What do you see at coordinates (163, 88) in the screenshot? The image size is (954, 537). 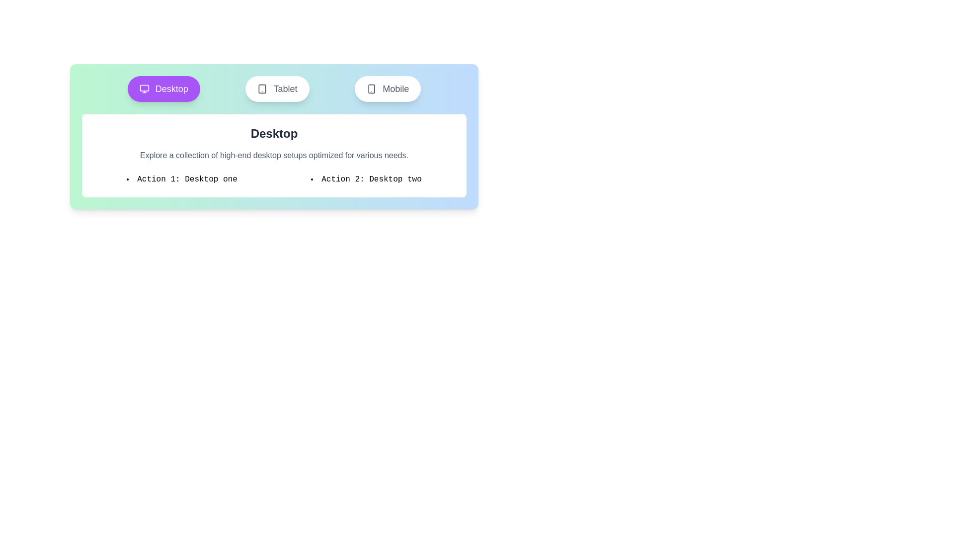 I see `the Desktop tab by clicking on its button` at bounding box center [163, 88].